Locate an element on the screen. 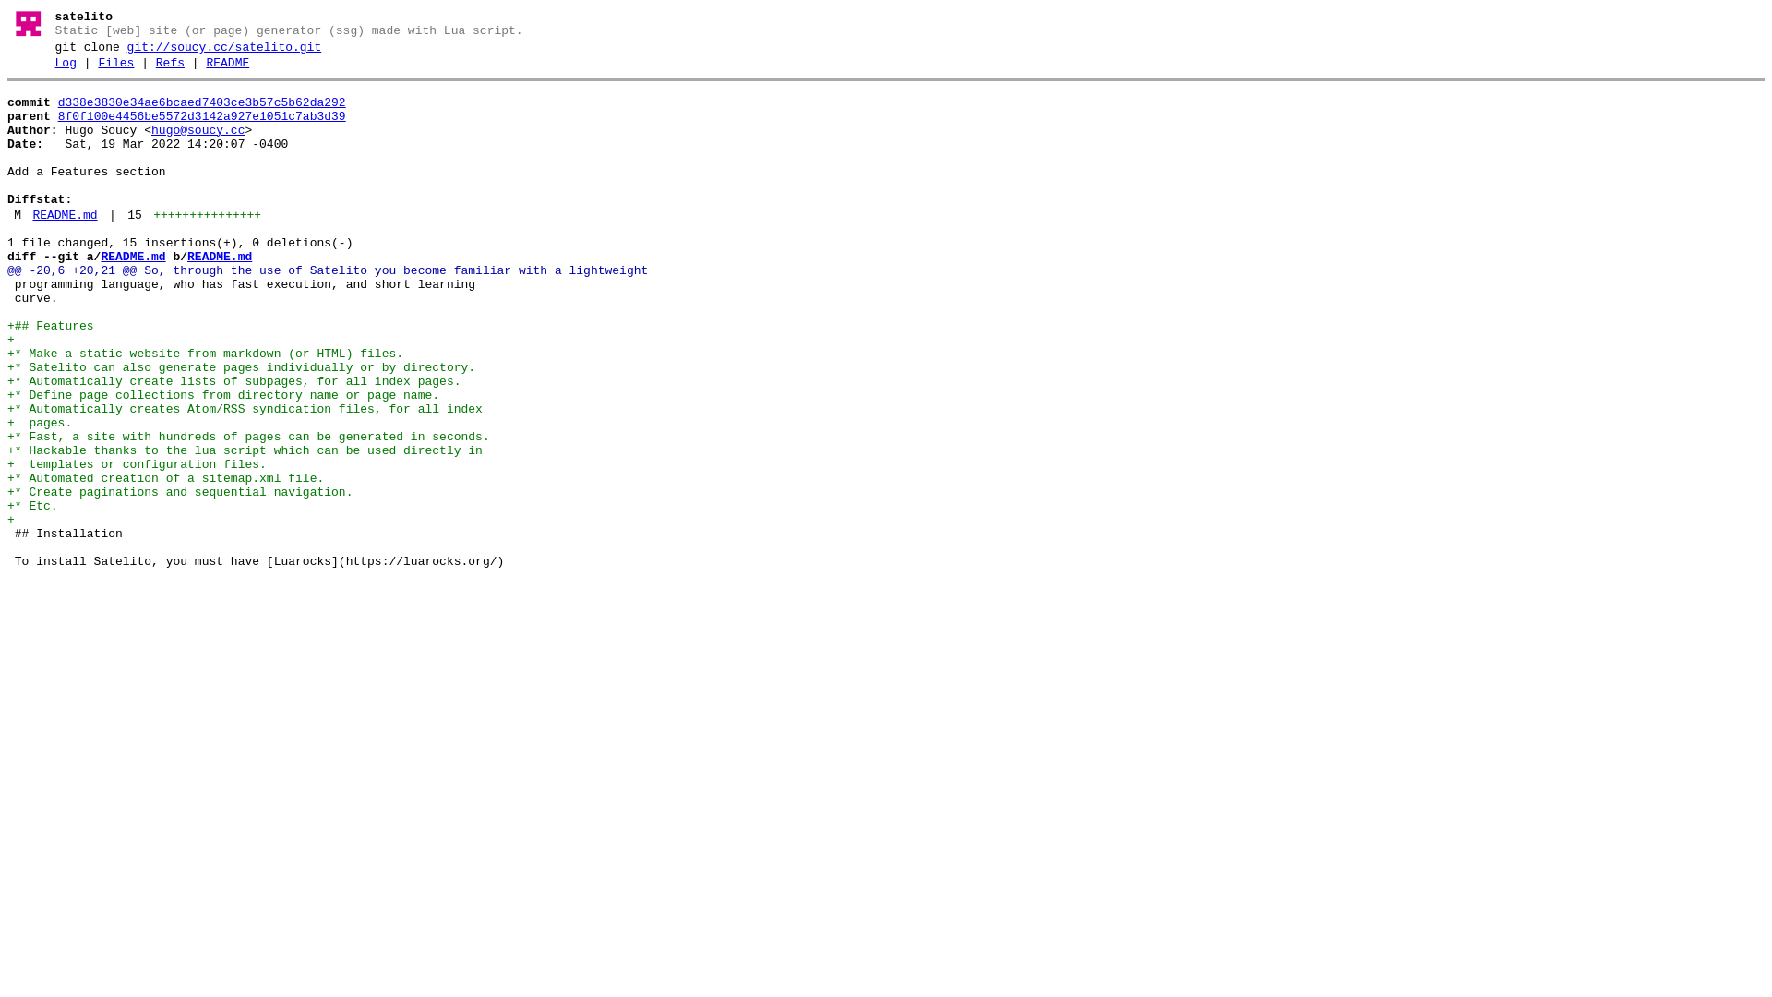 The image size is (1772, 997). '+* Create paginations and sequential navigation.' is located at coordinates (180, 491).